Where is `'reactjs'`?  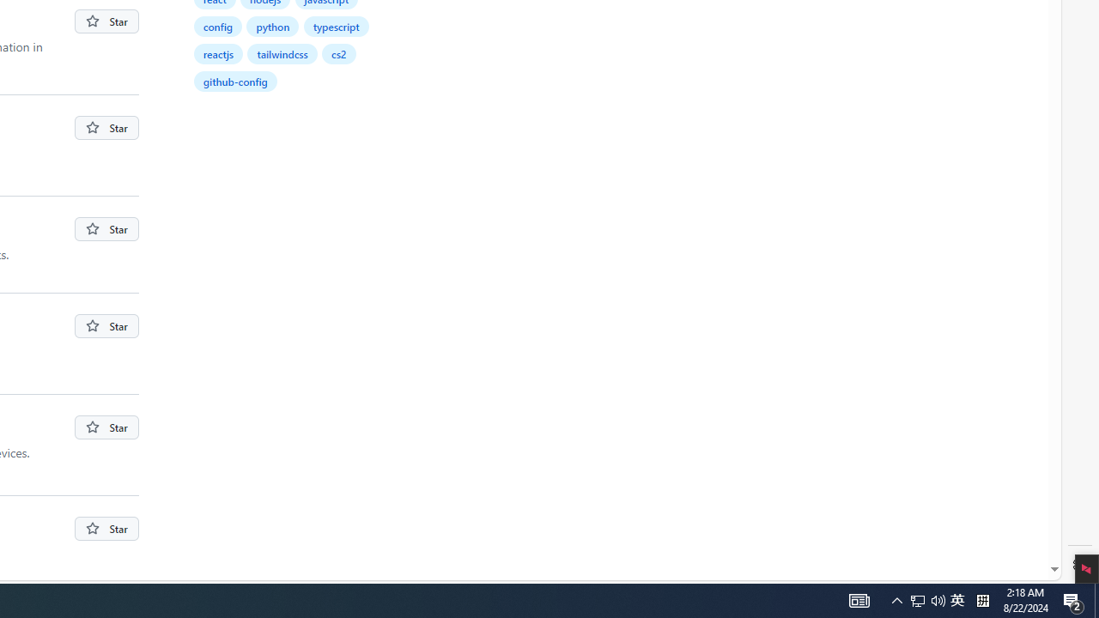
'reactjs' is located at coordinates (218, 52).